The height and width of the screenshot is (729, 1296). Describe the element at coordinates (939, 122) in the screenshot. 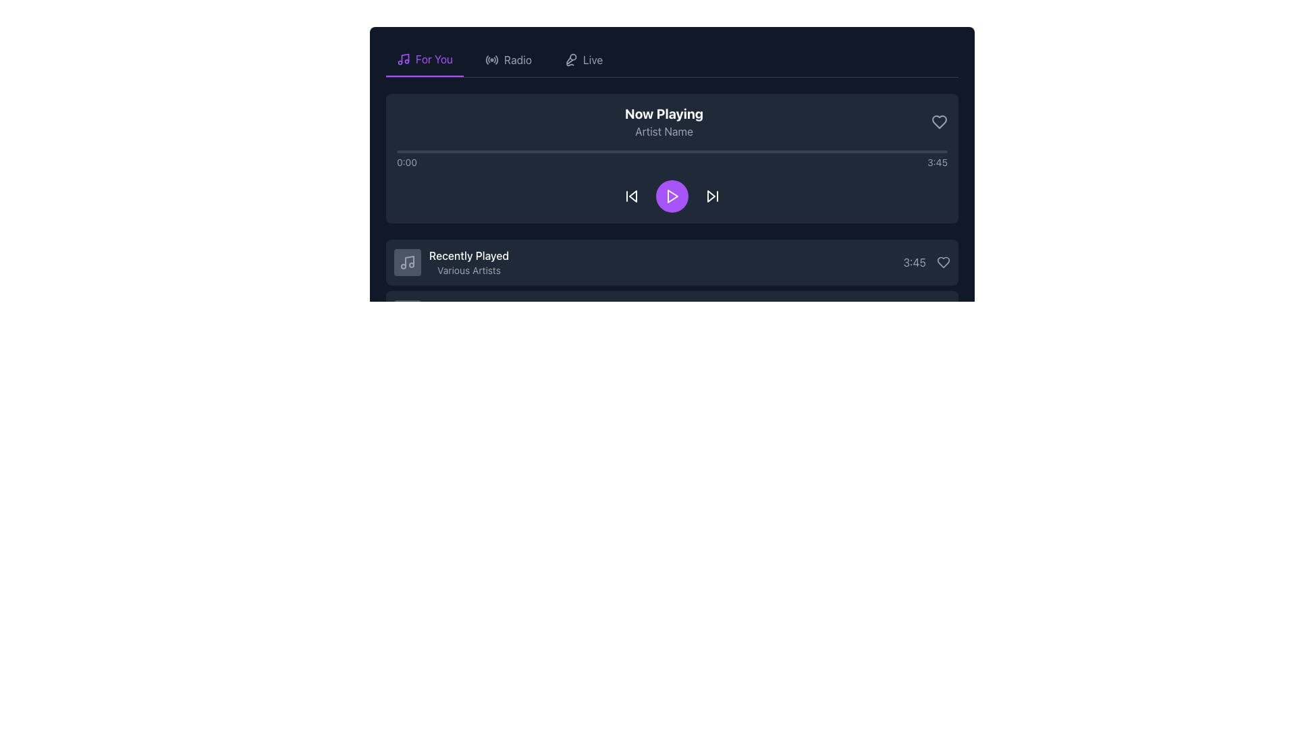

I see `the heart-shaped icon button located in the top-right portion of the 'Now Playing' section to mark the currently playing track as a favorite` at that location.